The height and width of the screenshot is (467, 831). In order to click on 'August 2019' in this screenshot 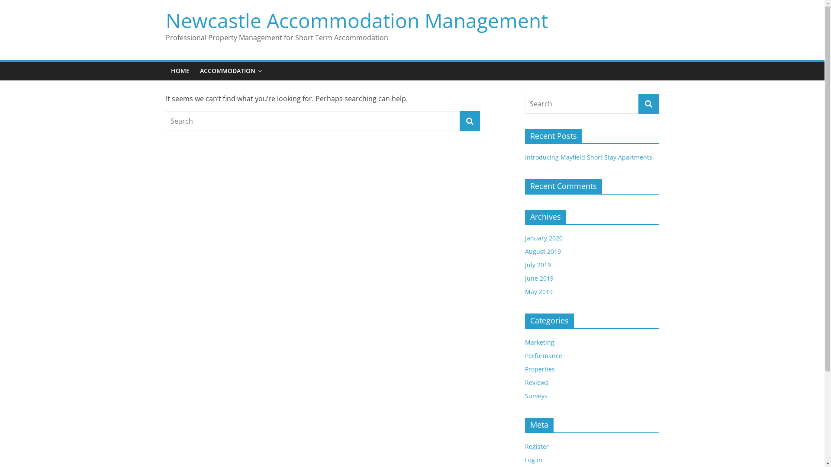, I will do `click(542, 251)`.